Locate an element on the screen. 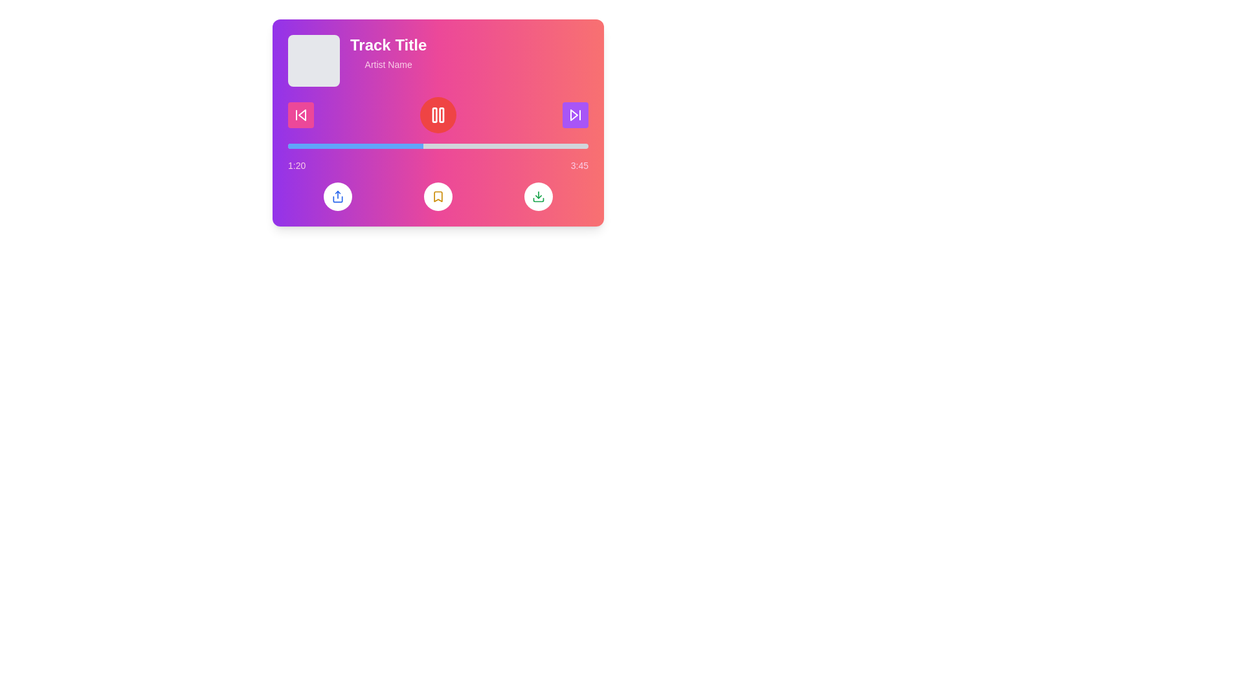 This screenshot has height=699, width=1243. the Text Label displaying '1:20' which indicates the elapsed time of the track is located at coordinates (296, 164).